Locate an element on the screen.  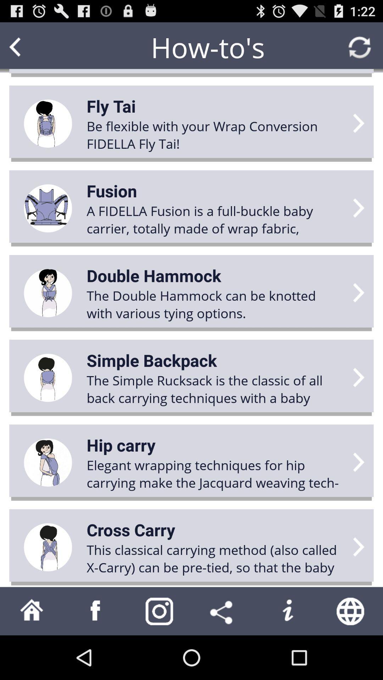
the facebook icon is located at coordinates (96, 654).